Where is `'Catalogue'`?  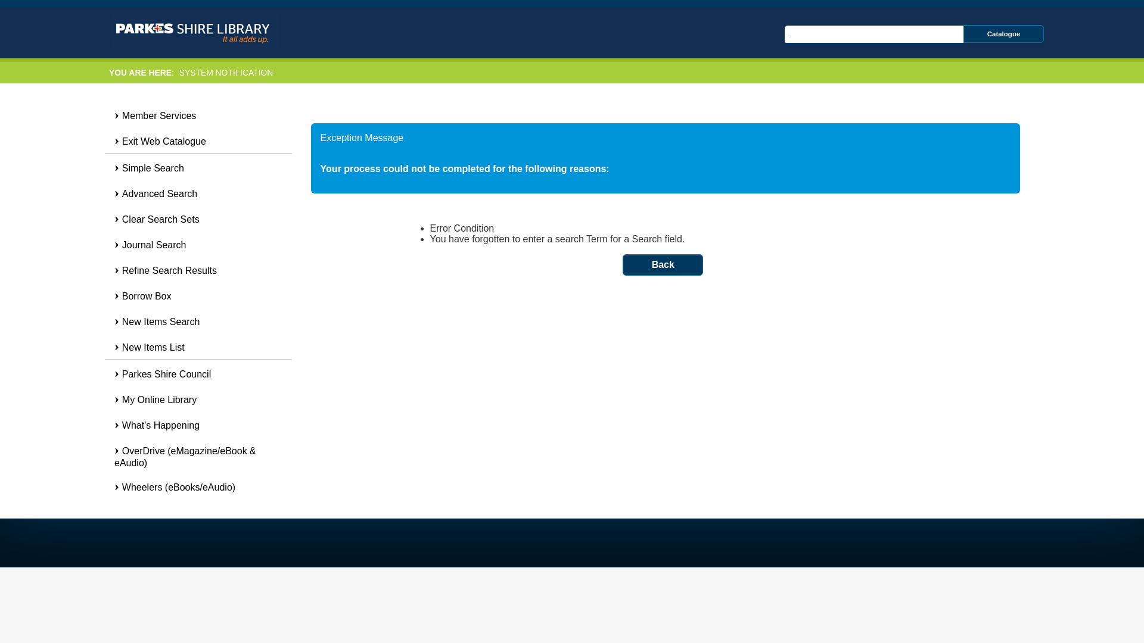
'Catalogue' is located at coordinates (963, 33).